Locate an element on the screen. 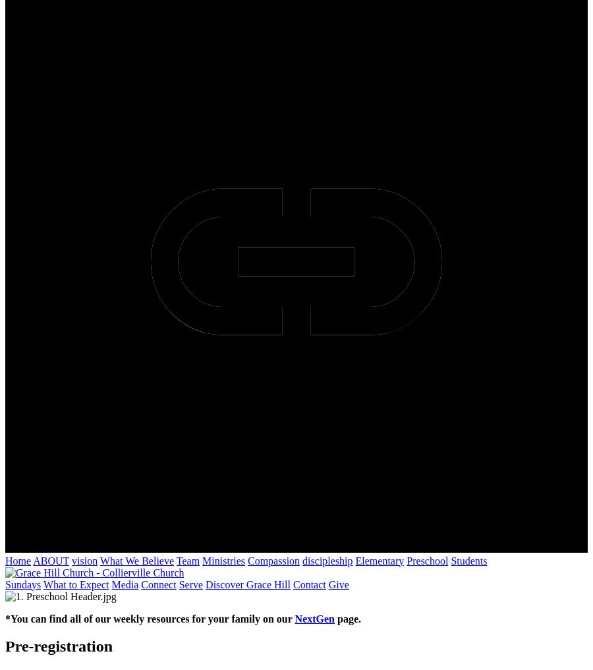  'Compassion' is located at coordinates (247, 560).